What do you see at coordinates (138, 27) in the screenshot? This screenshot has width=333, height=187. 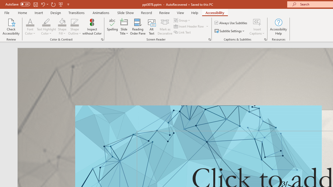 I see `'Reading Order Pane'` at bounding box center [138, 27].